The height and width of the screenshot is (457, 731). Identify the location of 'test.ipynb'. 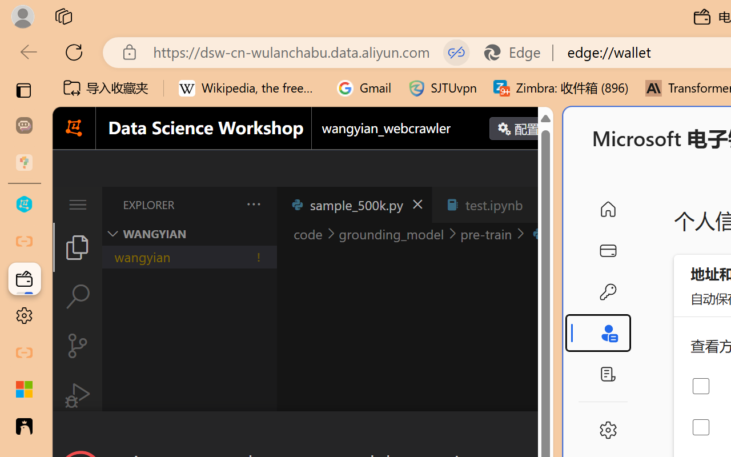
(493, 205).